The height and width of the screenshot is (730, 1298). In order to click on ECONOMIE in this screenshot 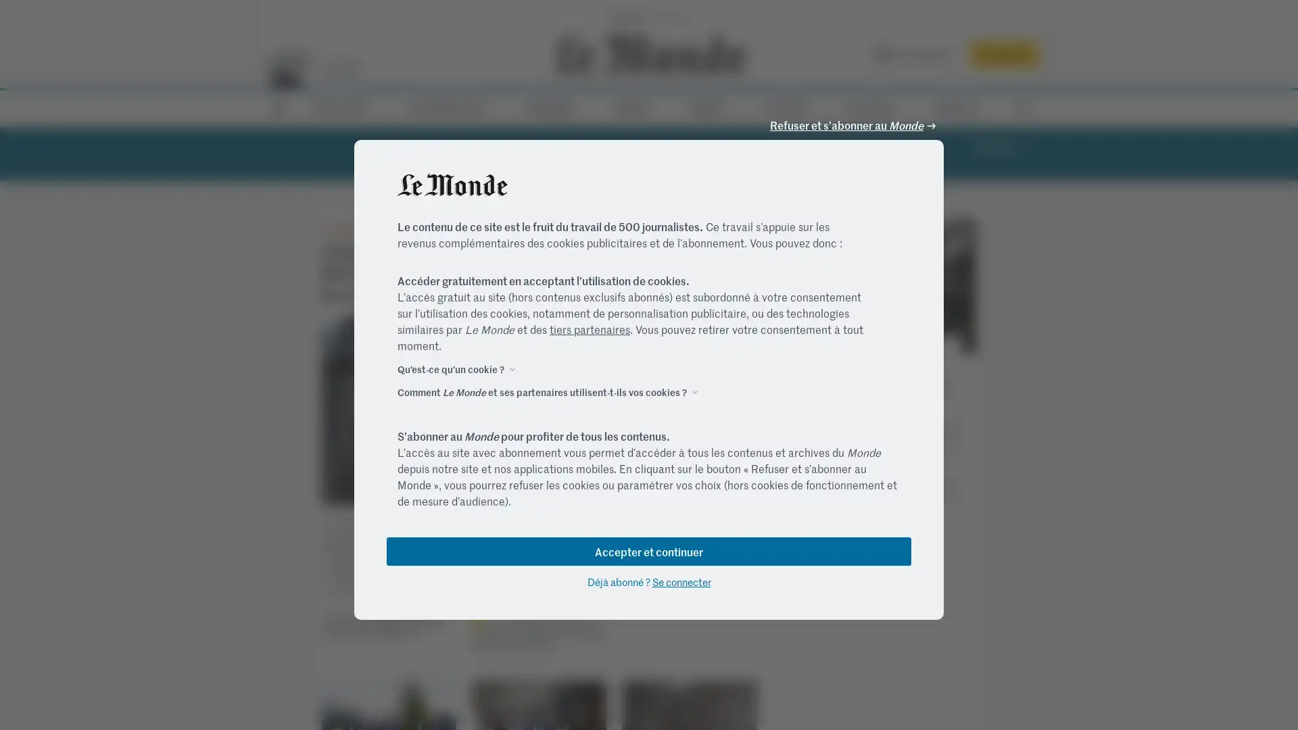, I will do `click(554, 107)`.